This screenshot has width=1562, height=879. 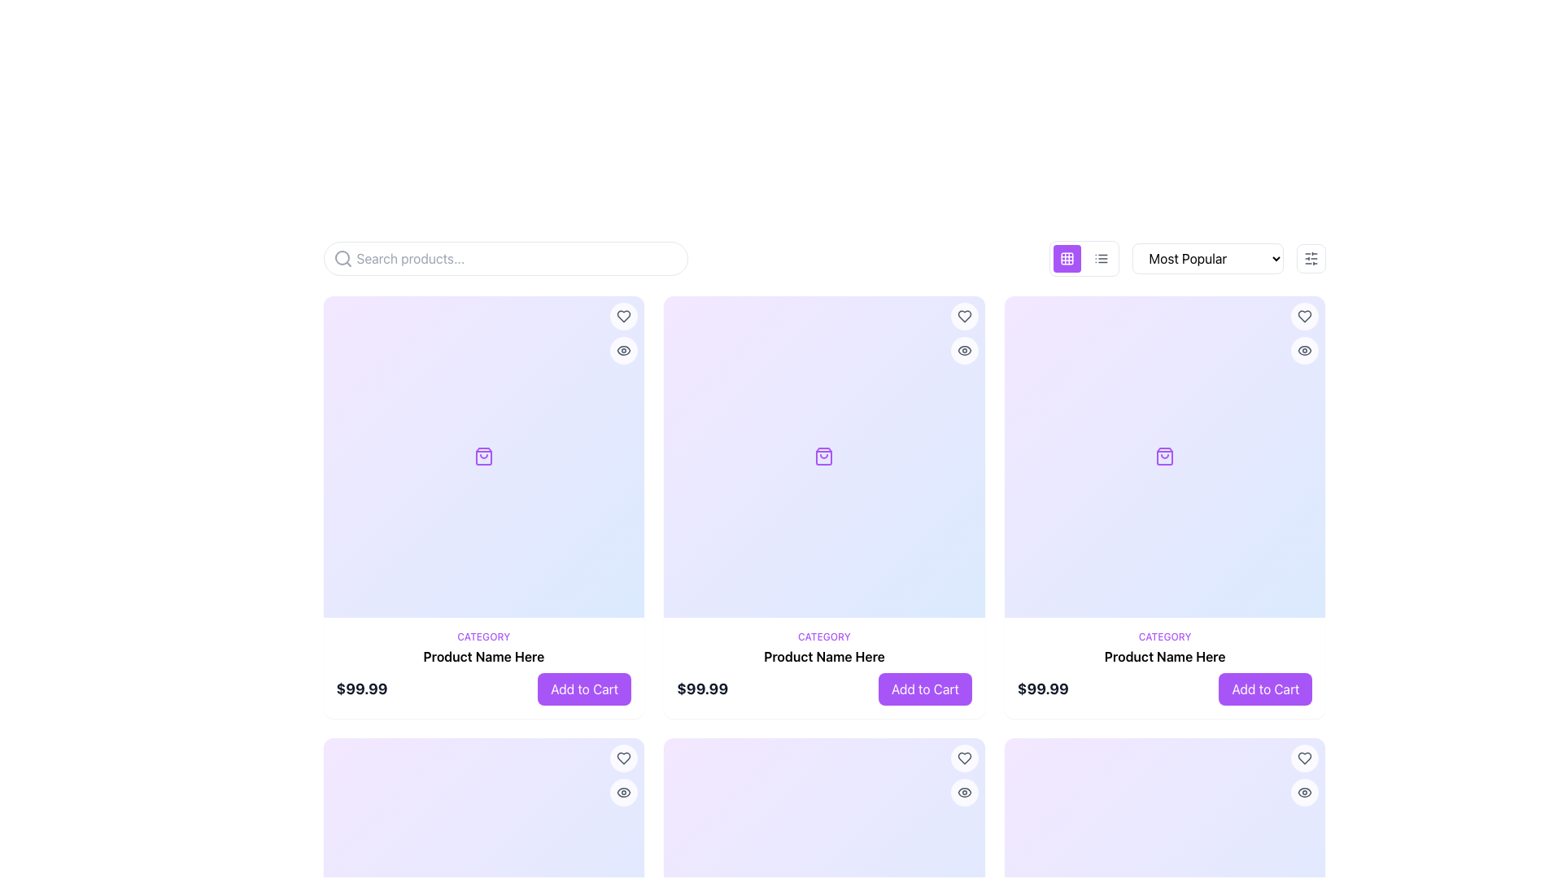 I want to click on the icon button located at the top-right corner of the product card, so click(x=964, y=350).